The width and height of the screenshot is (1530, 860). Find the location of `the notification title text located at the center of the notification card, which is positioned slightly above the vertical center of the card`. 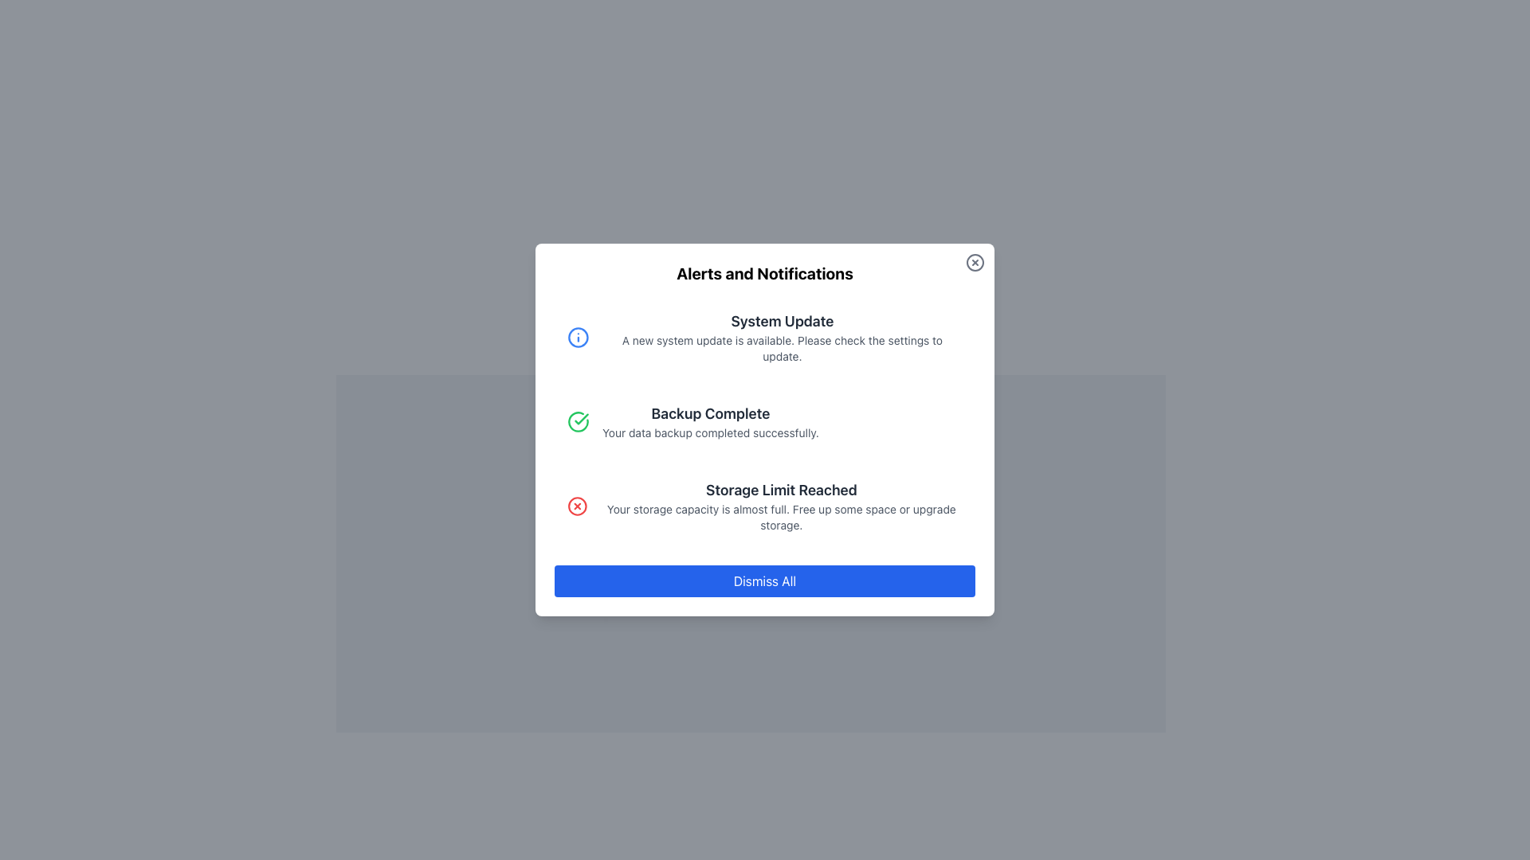

the notification title text located at the center of the notification card, which is positioned slightly above the vertical center of the card is located at coordinates (709, 413).